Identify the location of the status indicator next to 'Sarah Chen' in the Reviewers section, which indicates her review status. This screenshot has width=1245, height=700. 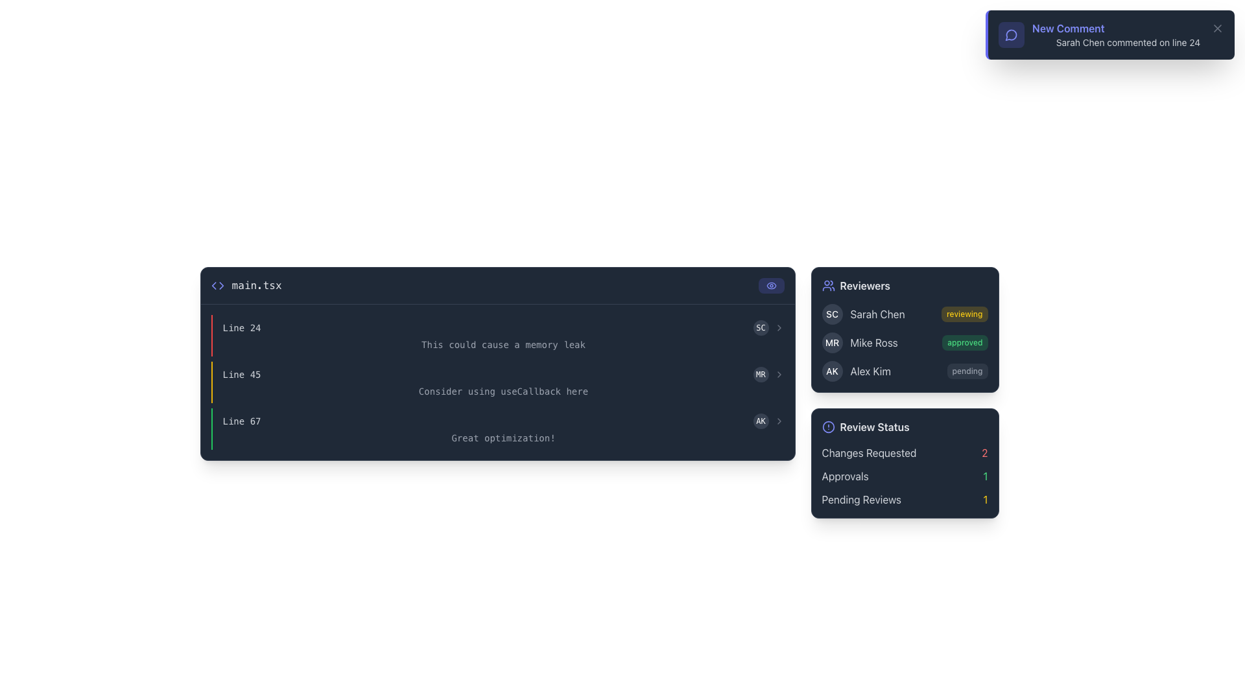
(964, 314).